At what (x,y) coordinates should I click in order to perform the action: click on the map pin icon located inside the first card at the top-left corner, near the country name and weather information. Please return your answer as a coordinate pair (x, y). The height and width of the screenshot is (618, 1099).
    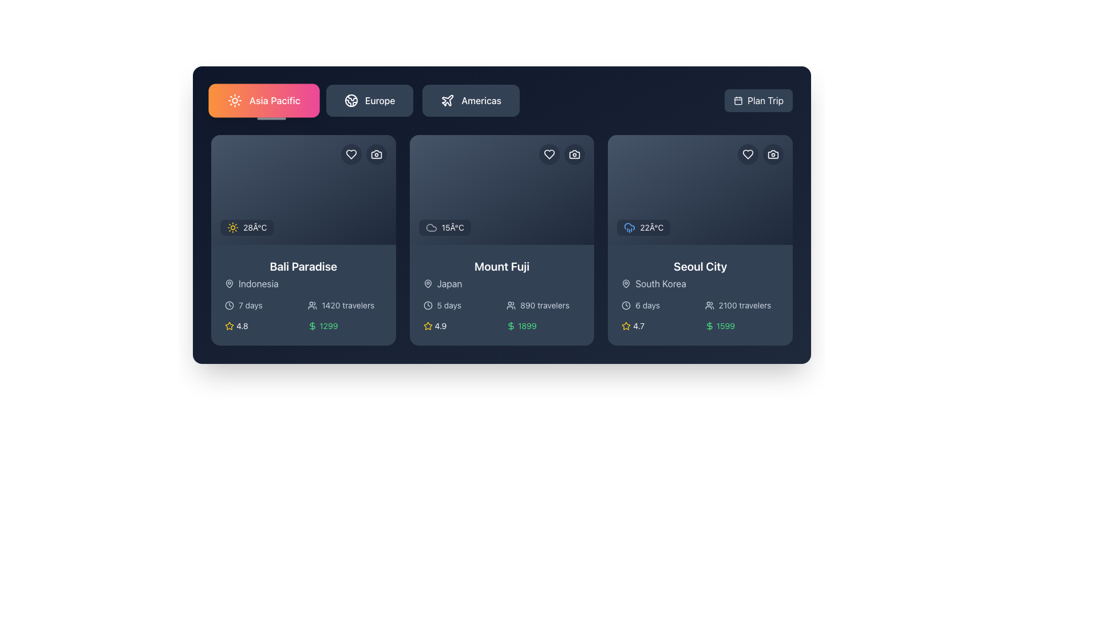
    Looking at the image, I should click on (229, 283).